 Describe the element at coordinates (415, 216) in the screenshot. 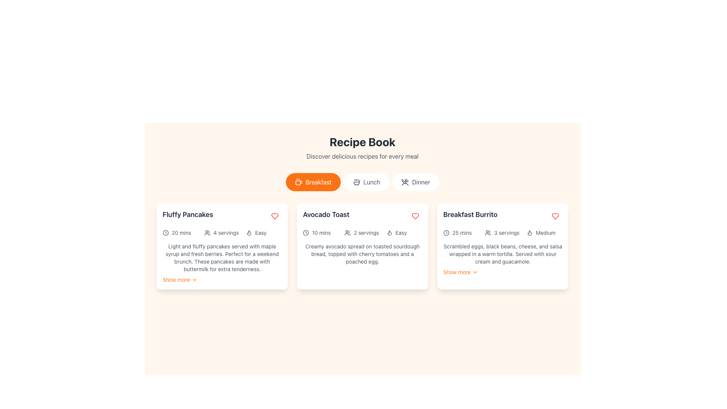

I see `the heart-shaped icon in the third card of the layout for the 'Breakfast Burrito' recipe` at that location.